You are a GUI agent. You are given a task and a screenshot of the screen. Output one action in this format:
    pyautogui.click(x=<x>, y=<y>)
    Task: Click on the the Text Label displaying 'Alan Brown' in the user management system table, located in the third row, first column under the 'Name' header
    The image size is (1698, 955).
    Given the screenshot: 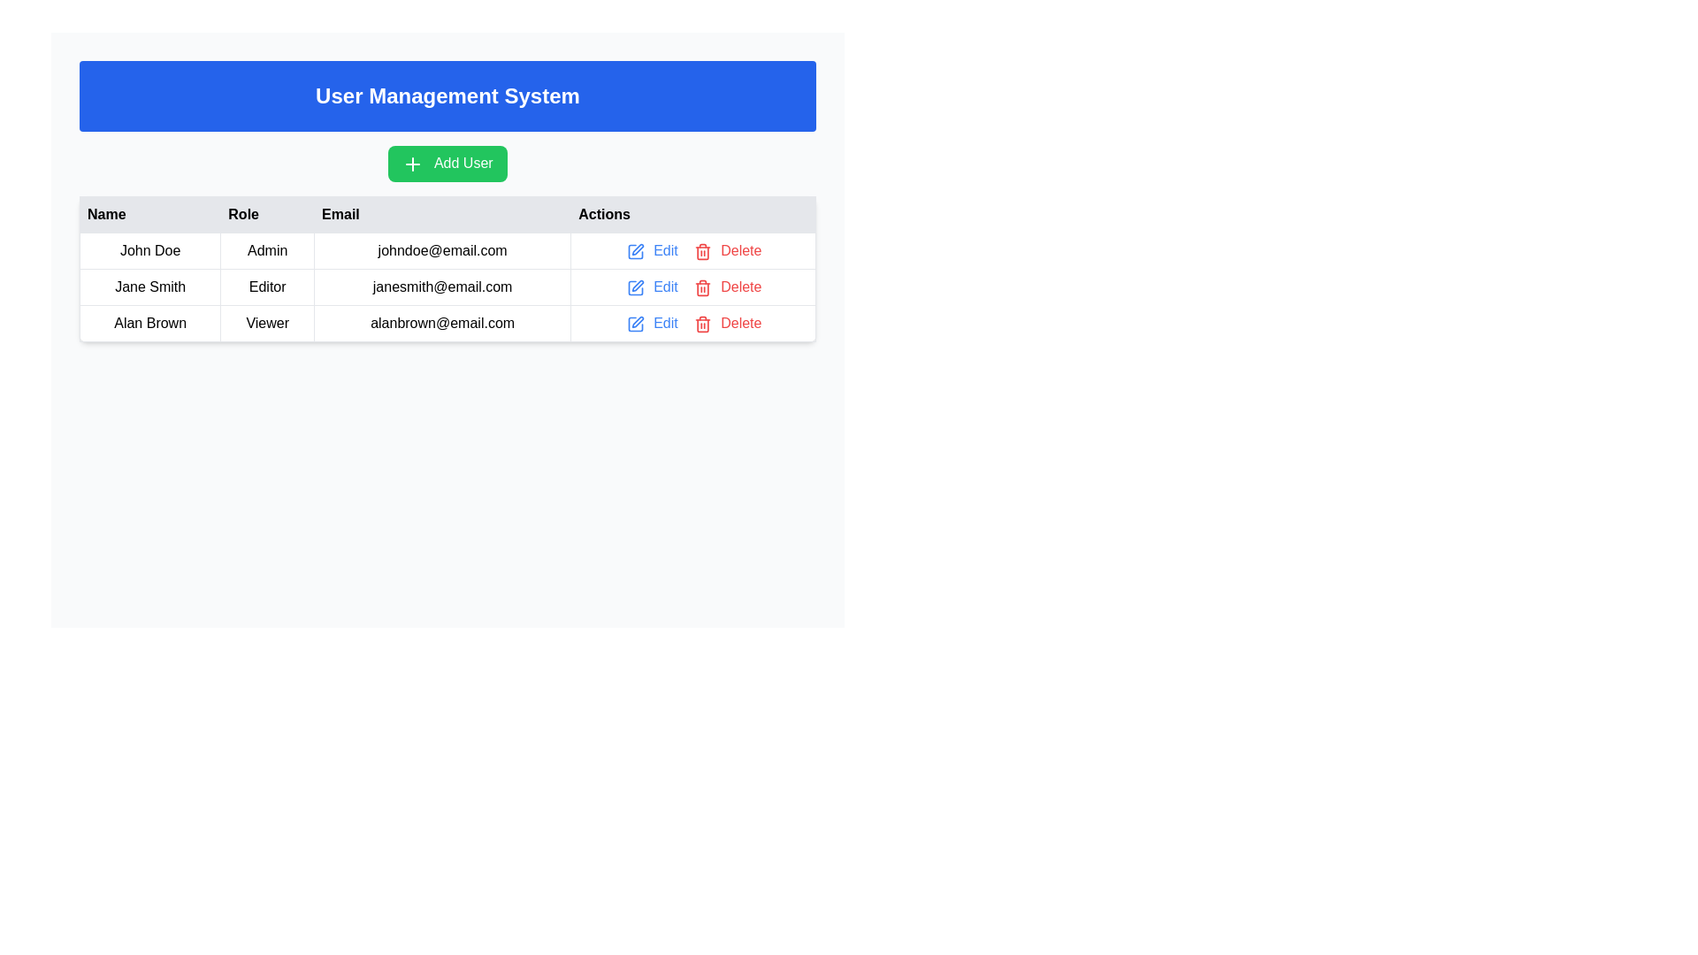 What is the action you would take?
    pyautogui.click(x=150, y=323)
    